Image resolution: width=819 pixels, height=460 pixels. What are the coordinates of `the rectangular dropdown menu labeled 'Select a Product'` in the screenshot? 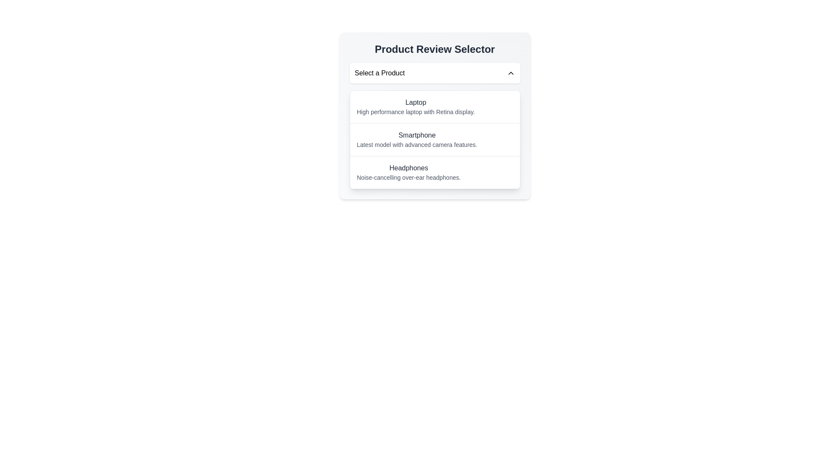 It's located at (435, 73).